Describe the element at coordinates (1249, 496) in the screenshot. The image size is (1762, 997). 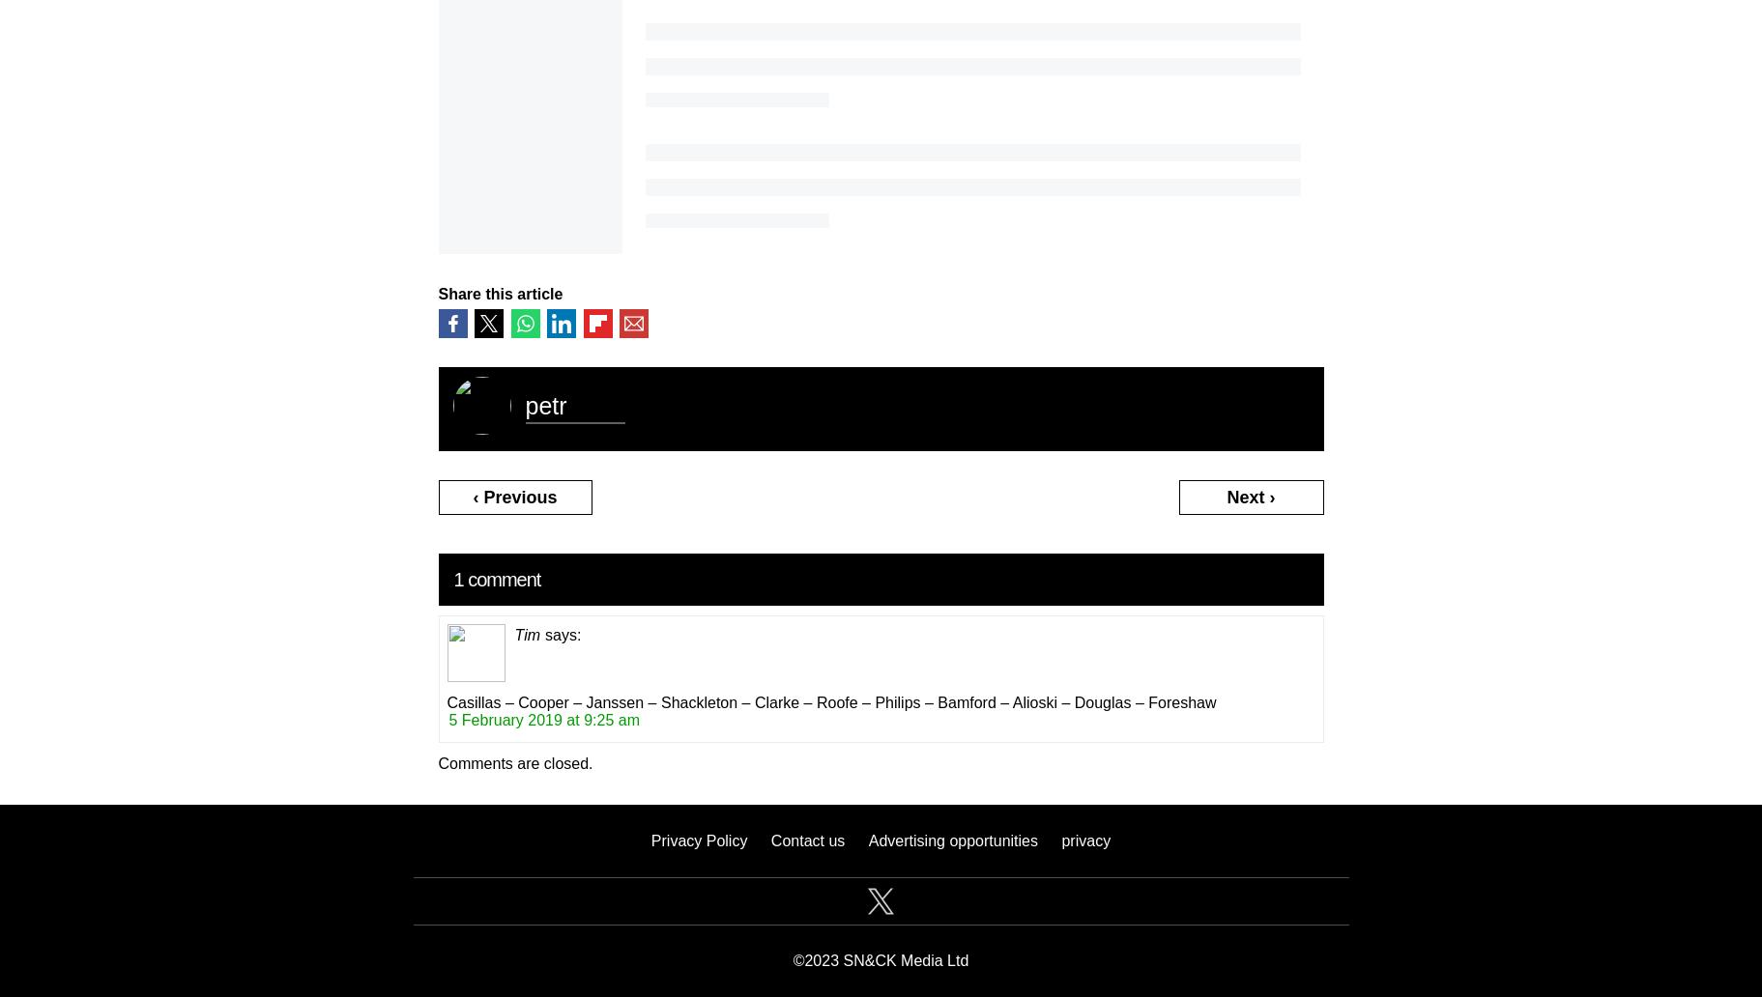
I see `'Next ›'` at that location.